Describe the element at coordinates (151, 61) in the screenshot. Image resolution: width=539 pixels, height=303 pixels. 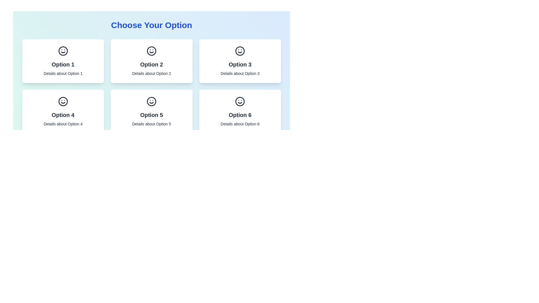
I see `the second card in the grid layout` at that location.